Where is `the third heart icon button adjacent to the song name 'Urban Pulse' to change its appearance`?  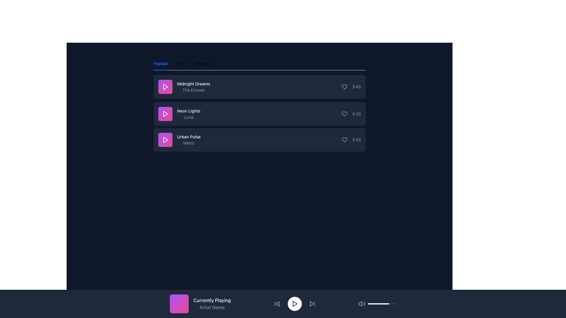 the third heart icon button adjacent to the song name 'Urban Pulse' to change its appearance is located at coordinates (344, 140).